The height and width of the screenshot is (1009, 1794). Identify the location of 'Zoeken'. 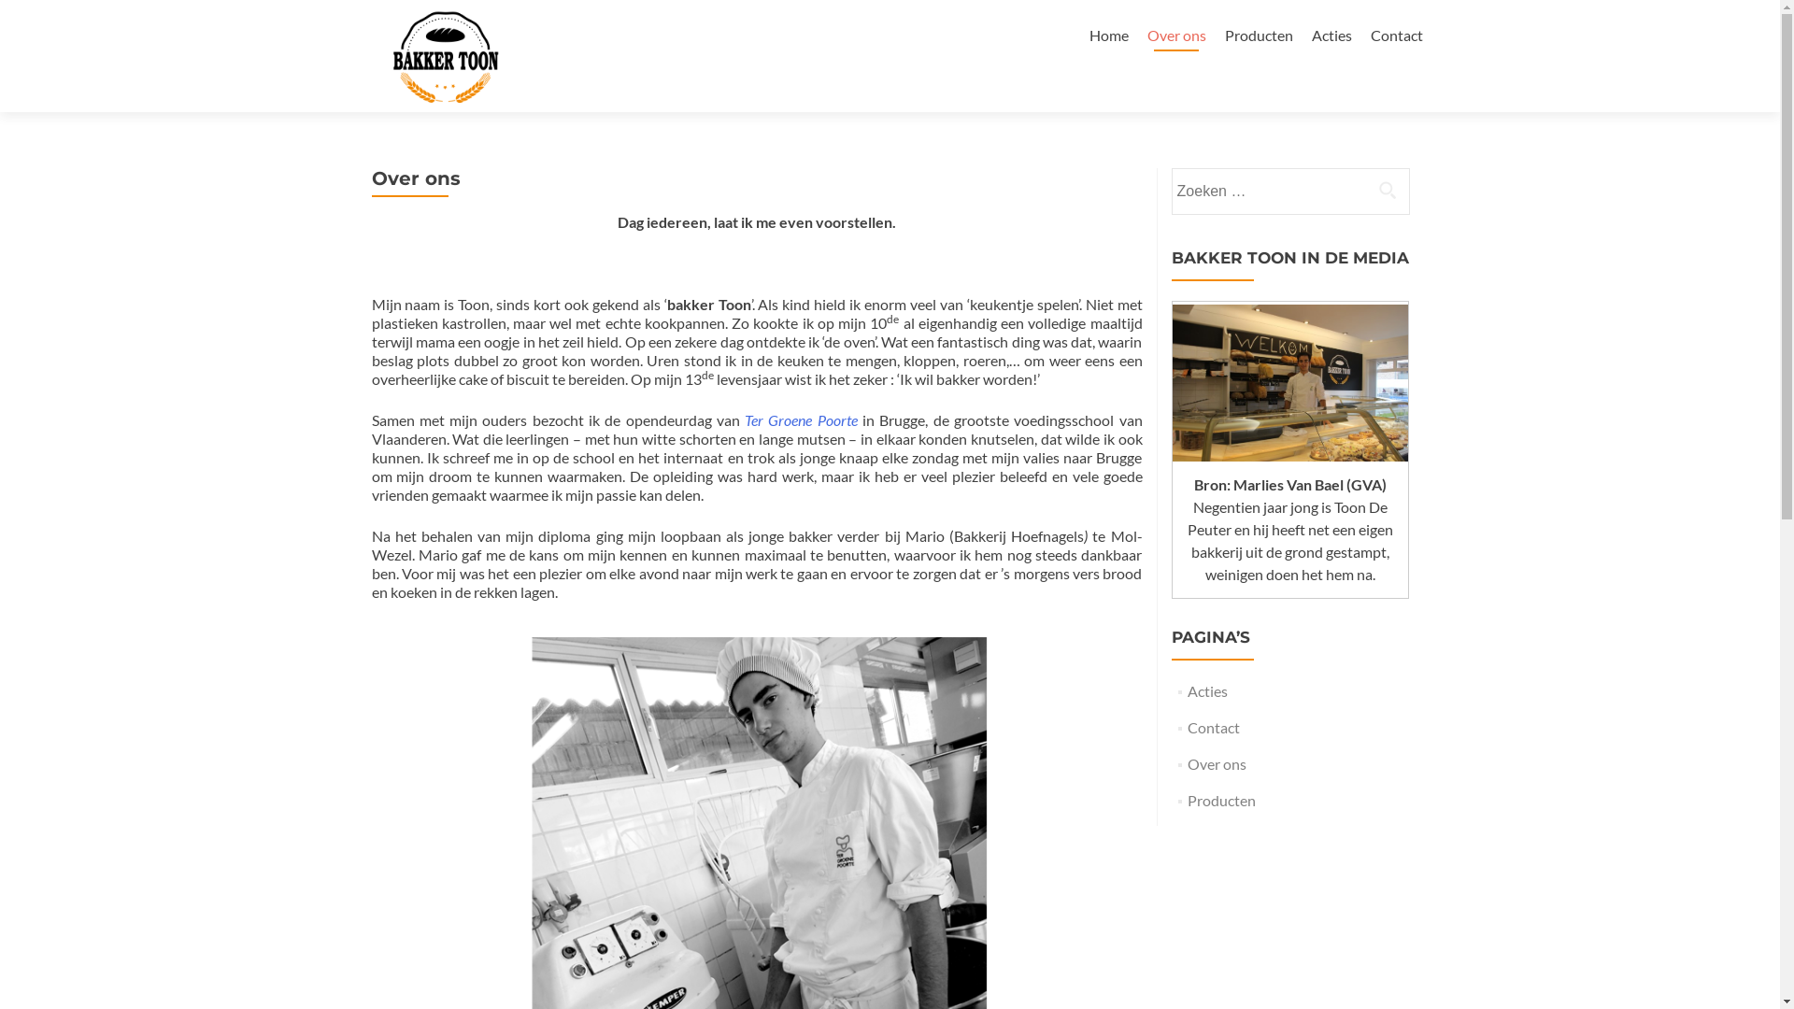
(1366, 190).